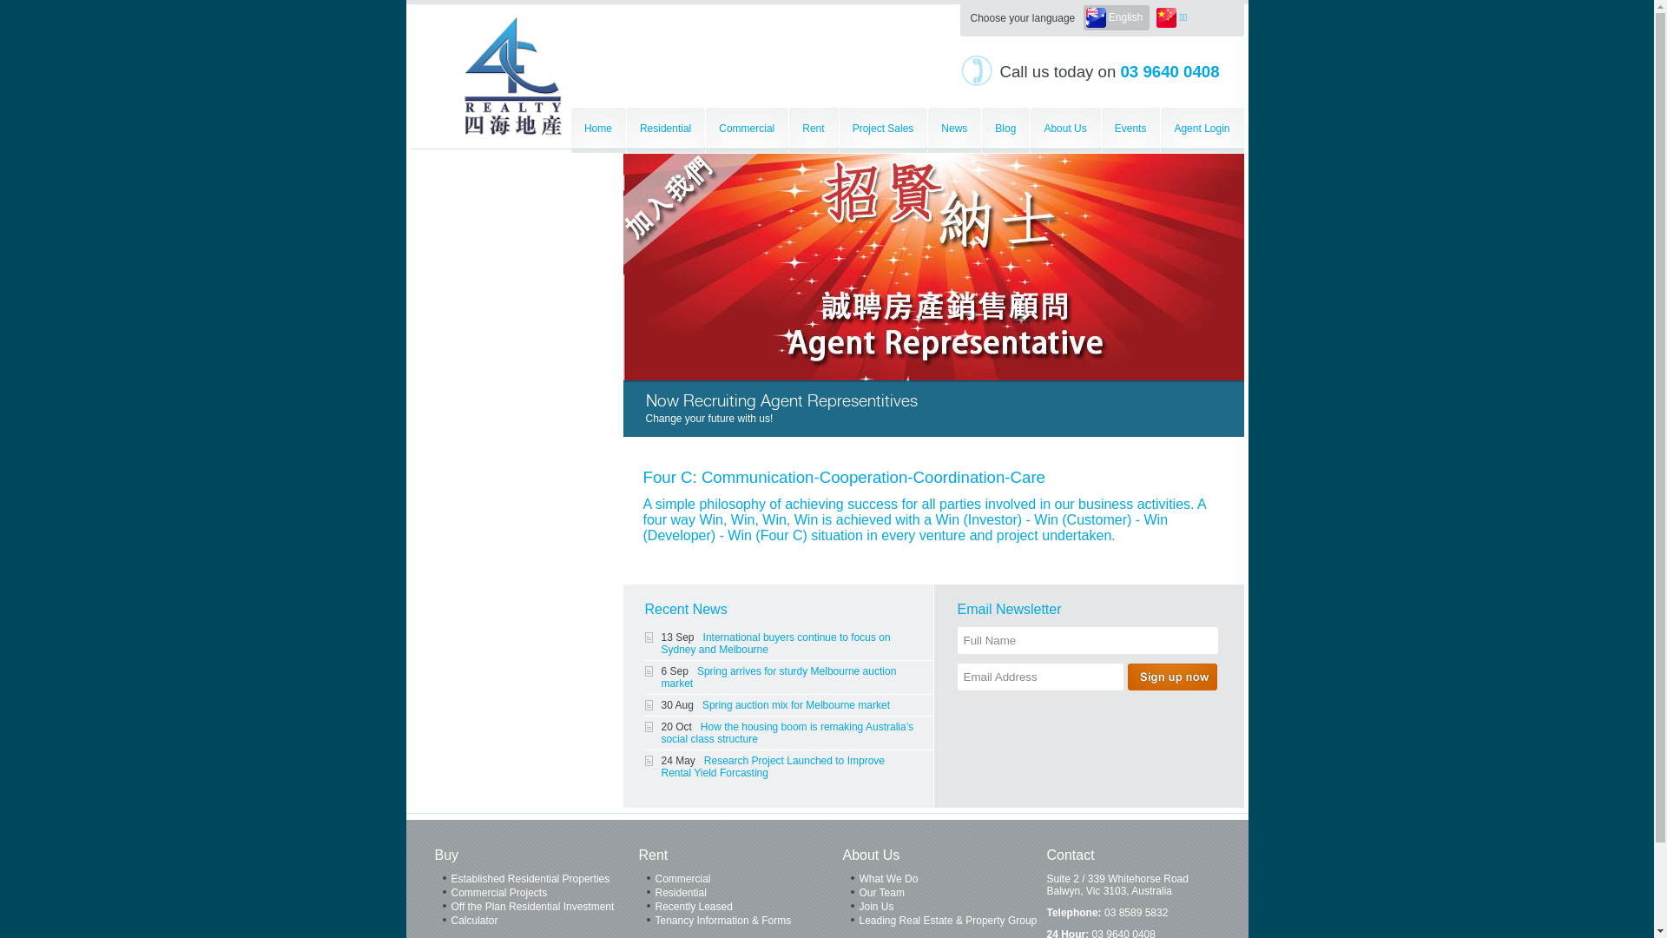 This screenshot has height=938, width=1667. What do you see at coordinates (982, 129) in the screenshot?
I see `'Blog'` at bounding box center [982, 129].